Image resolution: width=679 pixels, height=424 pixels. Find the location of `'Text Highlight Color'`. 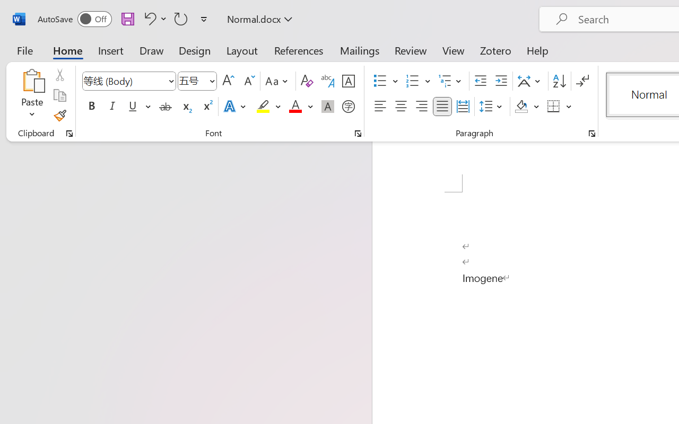

'Text Highlight Color' is located at coordinates (268, 107).